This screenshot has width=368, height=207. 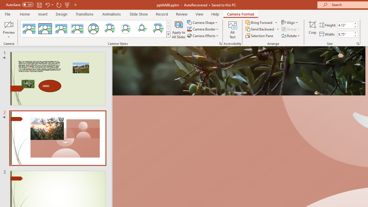 I want to click on 'Soft Edge Circle', so click(x=125, y=29).